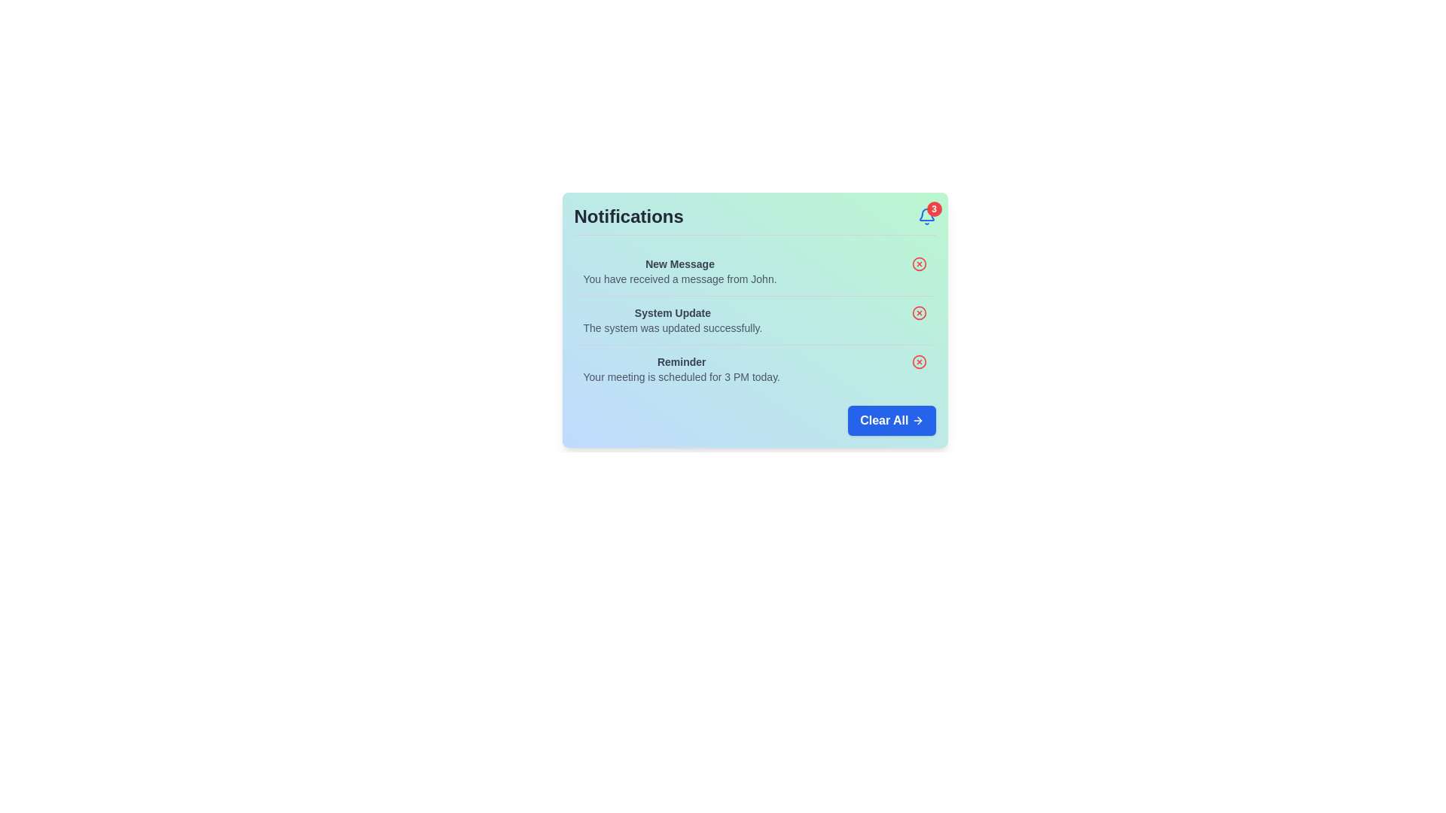 The image size is (1446, 813). What do you see at coordinates (679, 263) in the screenshot?
I see `the text label displaying 'New Message', which is styled with a bold font and a dark gray color, positioned at the top left of a notification entry` at bounding box center [679, 263].